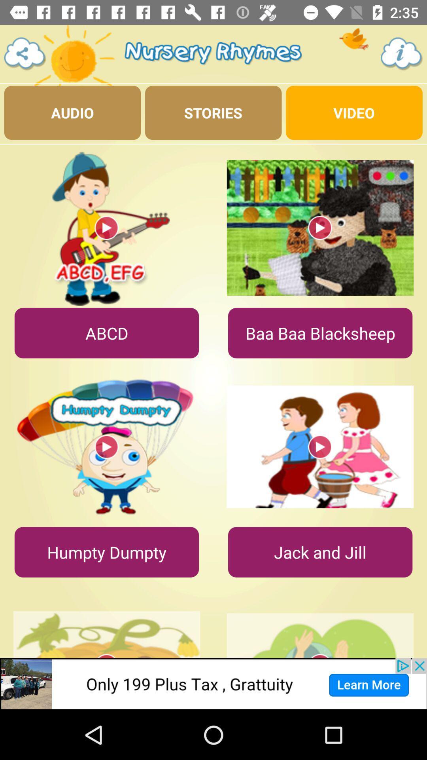 The width and height of the screenshot is (427, 760). I want to click on advertisement, so click(213, 684).